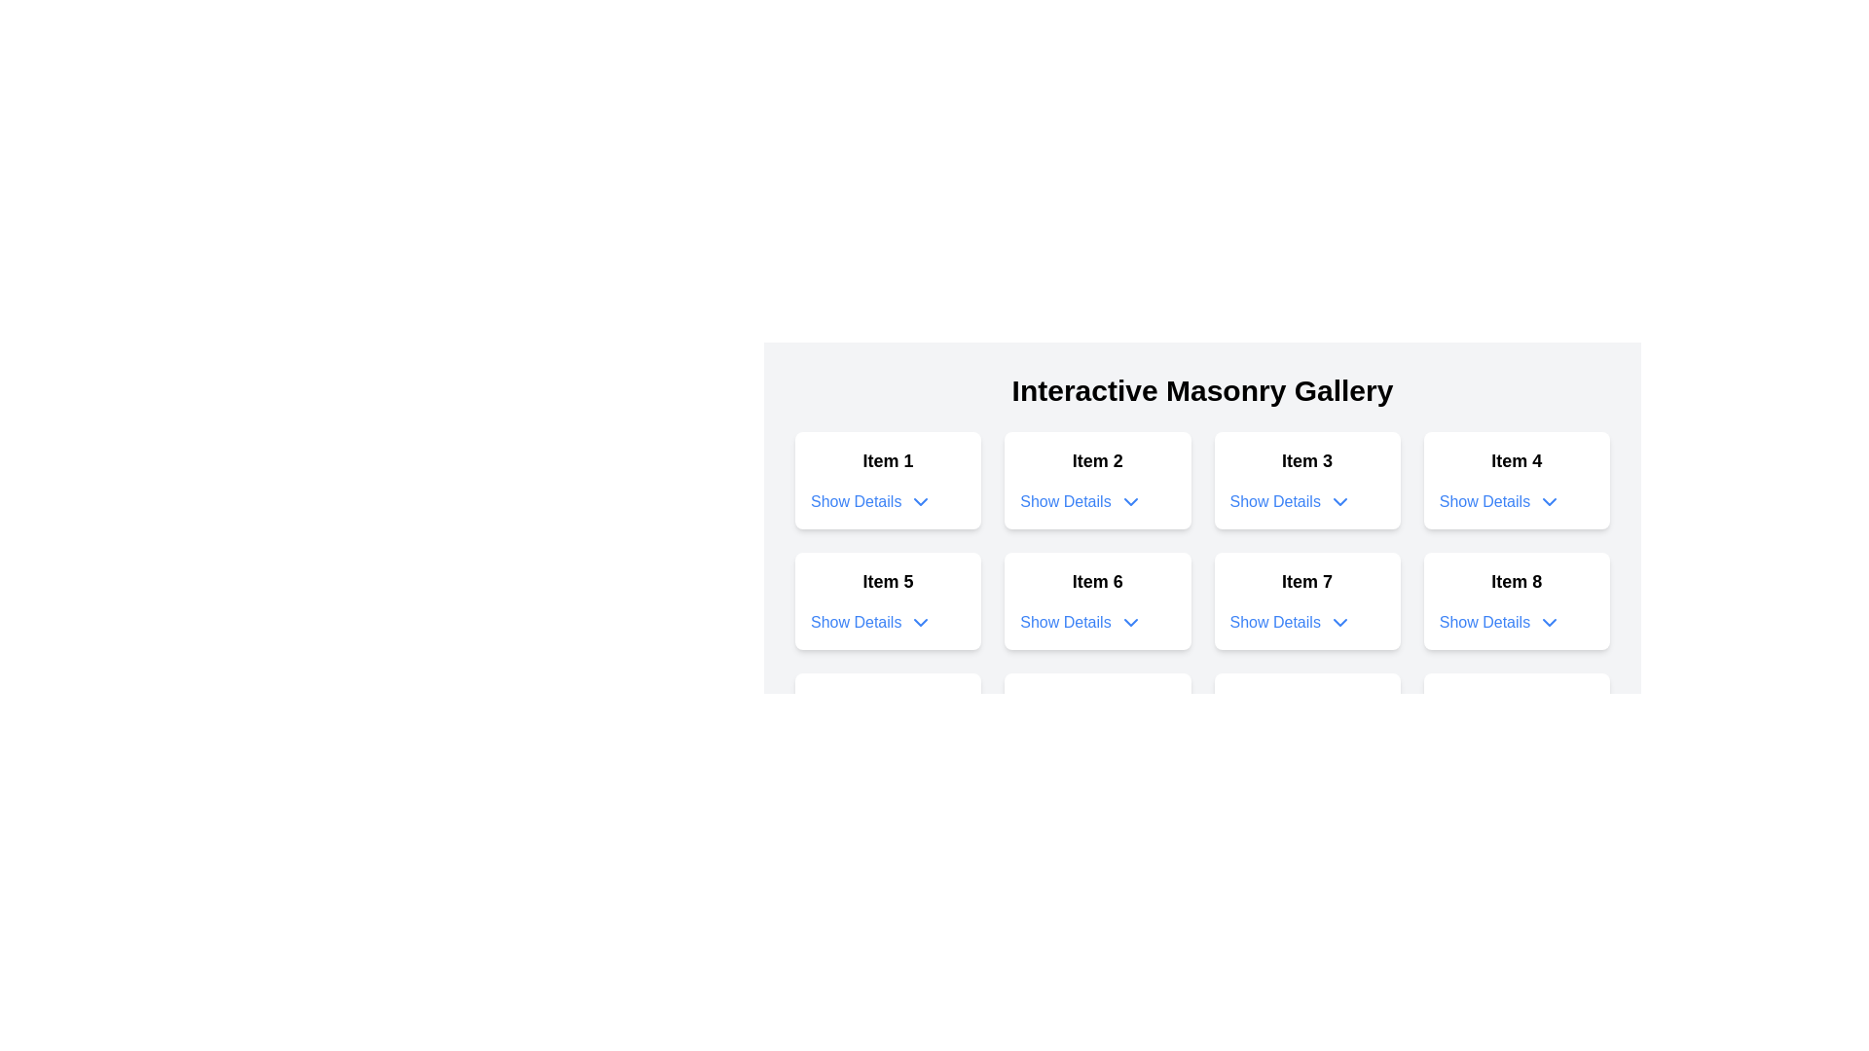 This screenshot has width=1869, height=1051. What do you see at coordinates (1064, 501) in the screenshot?
I see `the 'Show Details' hyperlink text styled in blue, which is located next to a downward-facing arrow icon in the second item of the second row of the grid layout` at bounding box center [1064, 501].